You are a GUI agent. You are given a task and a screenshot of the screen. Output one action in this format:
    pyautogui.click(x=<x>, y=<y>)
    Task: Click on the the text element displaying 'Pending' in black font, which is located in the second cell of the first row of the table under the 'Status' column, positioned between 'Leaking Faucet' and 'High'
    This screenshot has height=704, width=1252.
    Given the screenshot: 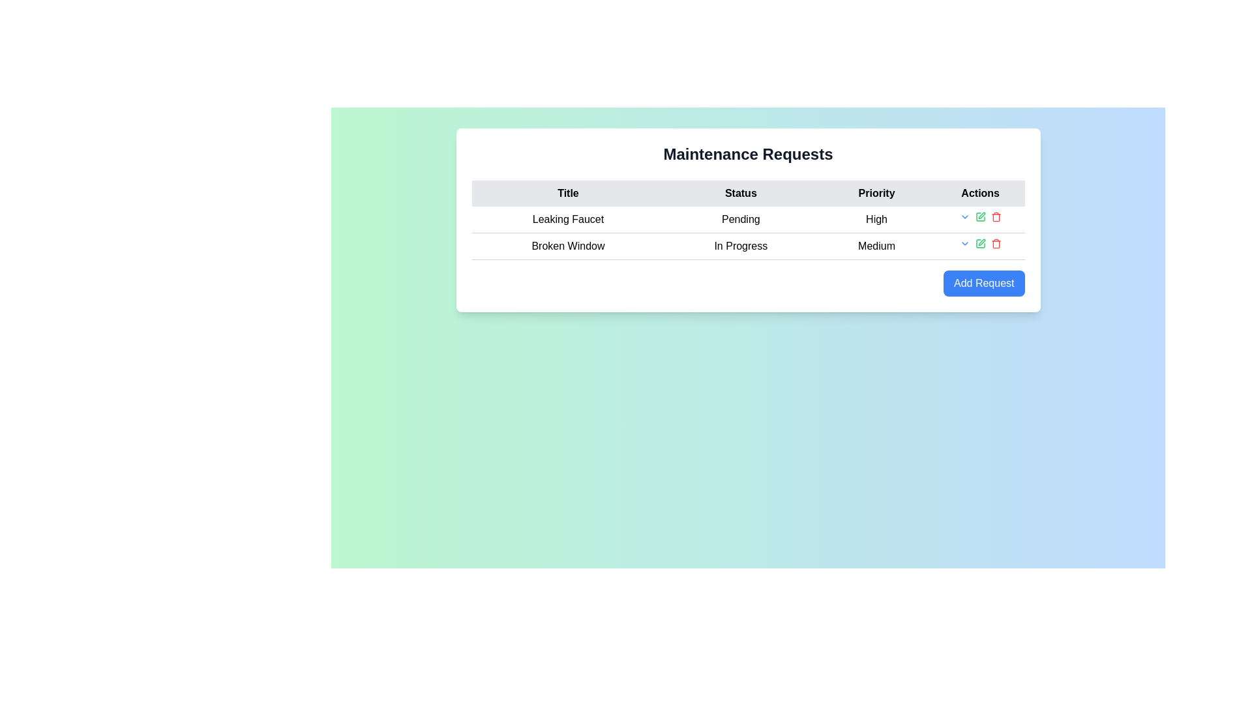 What is the action you would take?
    pyautogui.click(x=741, y=219)
    